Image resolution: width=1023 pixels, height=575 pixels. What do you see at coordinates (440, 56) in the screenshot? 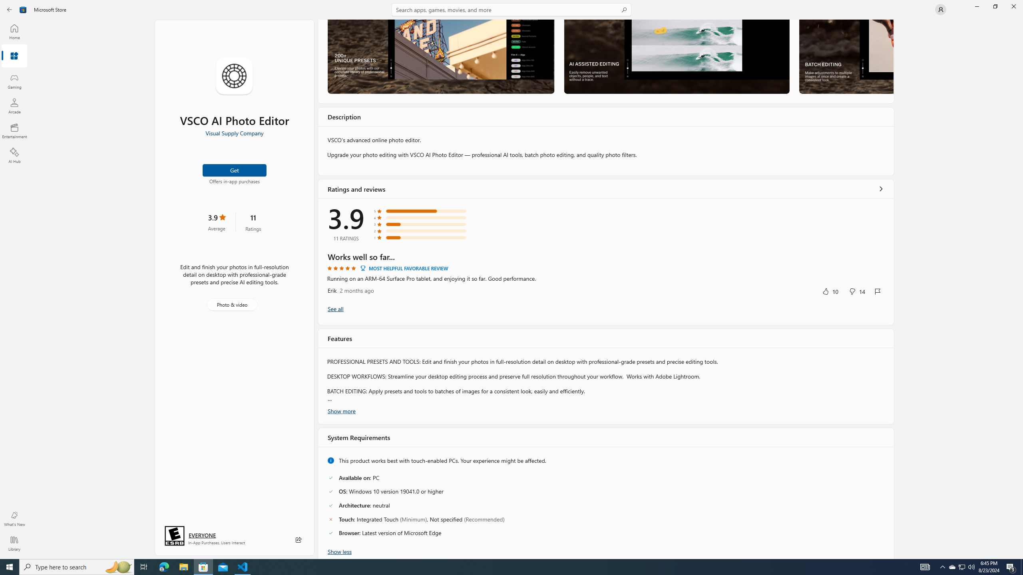
I see `'Screenshot 1'` at bounding box center [440, 56].